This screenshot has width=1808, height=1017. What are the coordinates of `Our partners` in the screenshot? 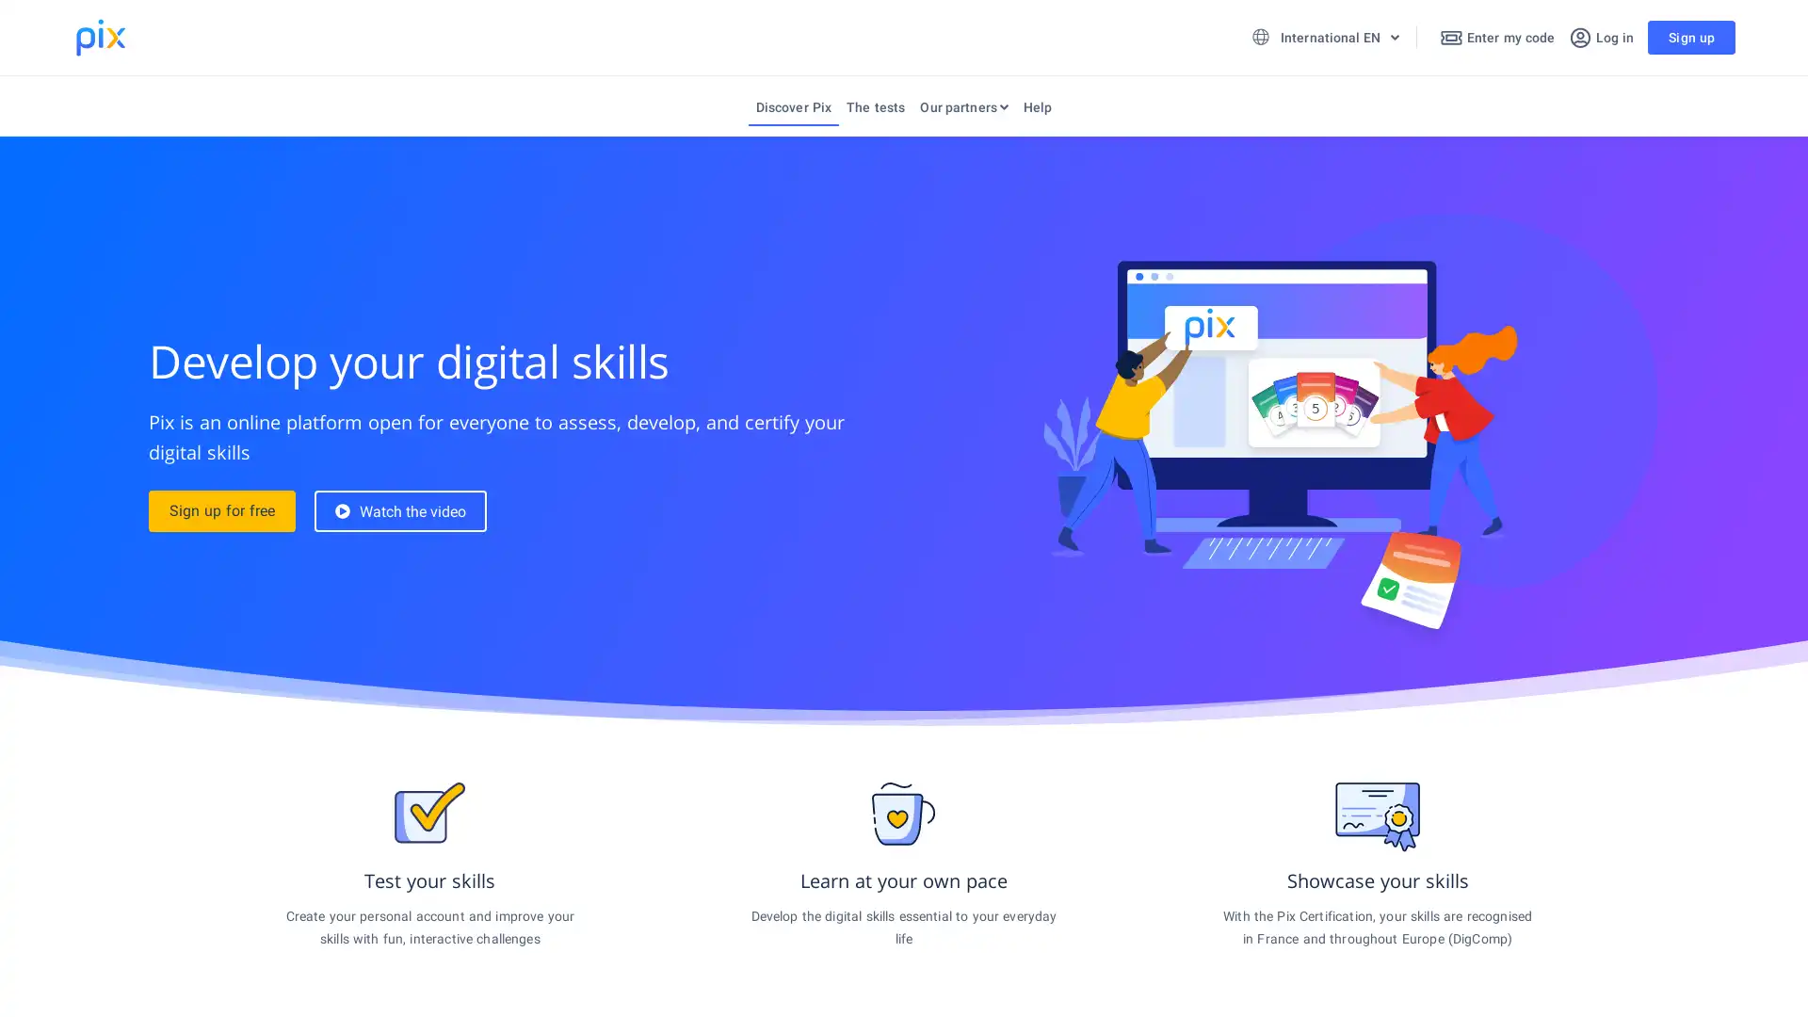 It's located at (963, 111).